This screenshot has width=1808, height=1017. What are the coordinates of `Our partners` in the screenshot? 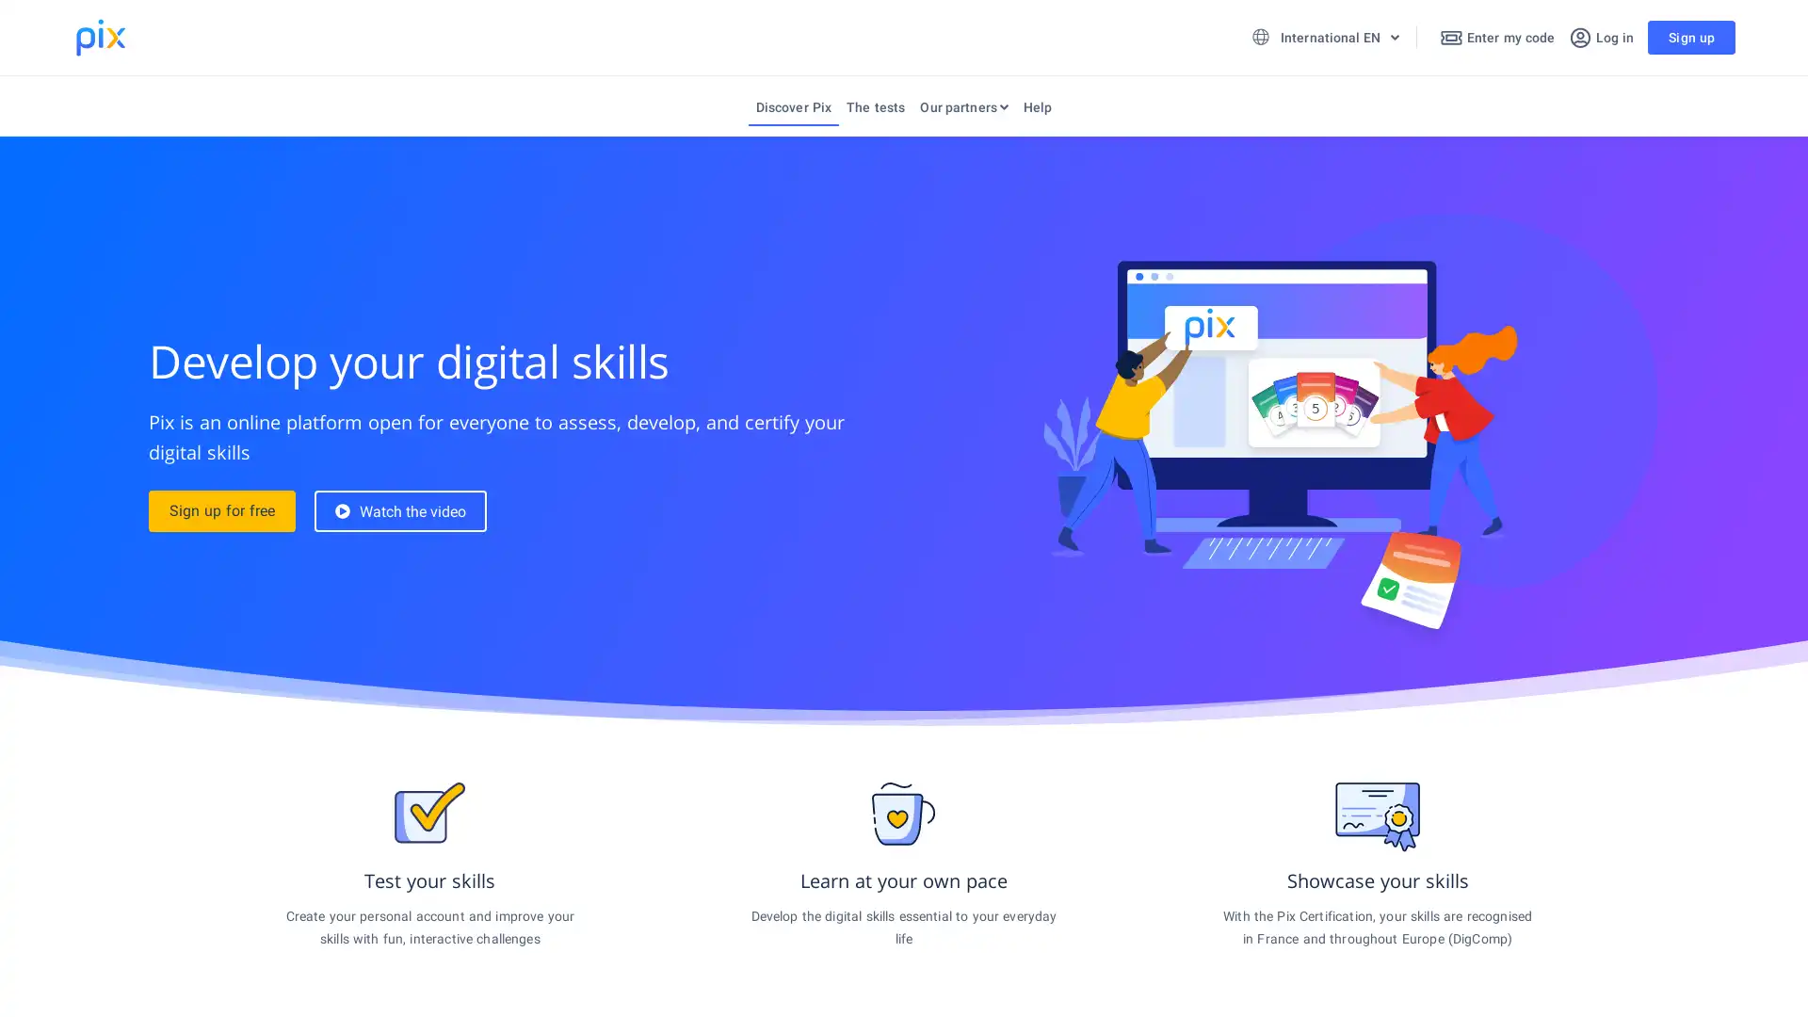 It's located at (963, 111).